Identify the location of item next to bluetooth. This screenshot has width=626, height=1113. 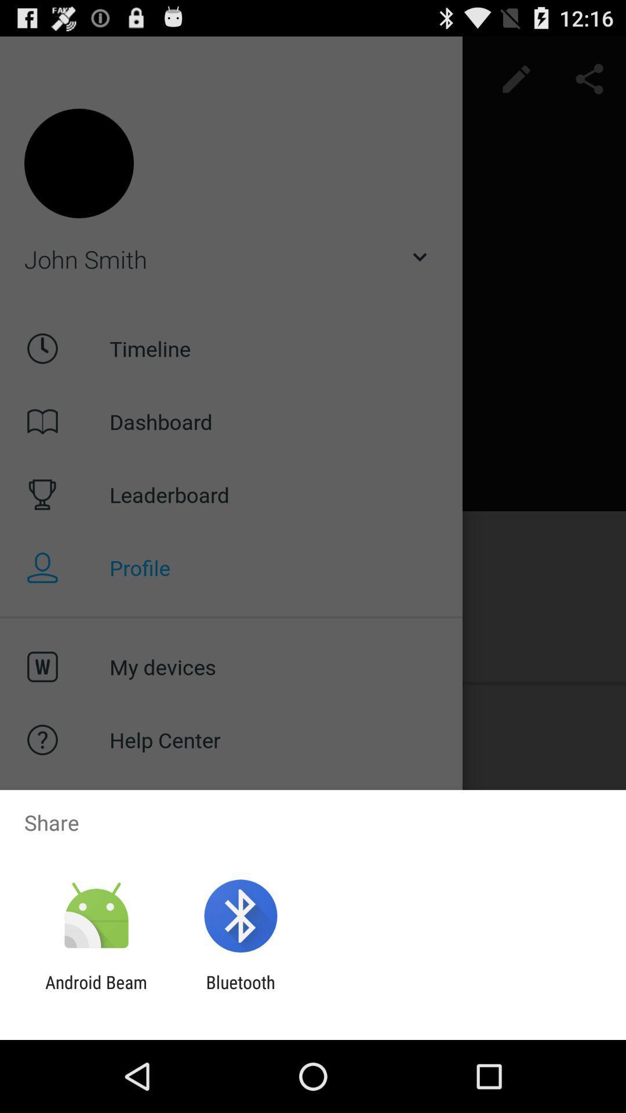
(96, 992).